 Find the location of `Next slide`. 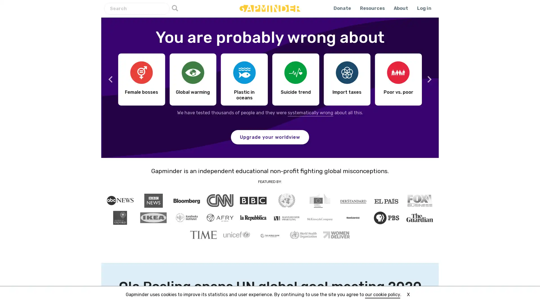

Next slide is located at coordinates (429, 79).